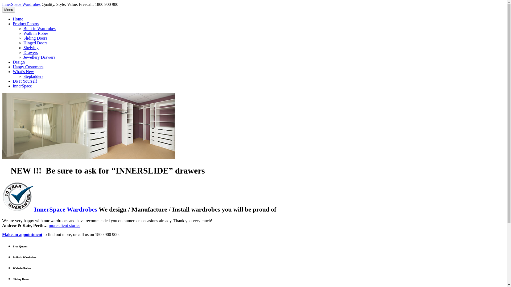 This screenshot has height=287, width=511. What do you see at coordinates (35, 38) in the screenshot?
I see `'Sliding Doors'` at bounding box center [35, 38].